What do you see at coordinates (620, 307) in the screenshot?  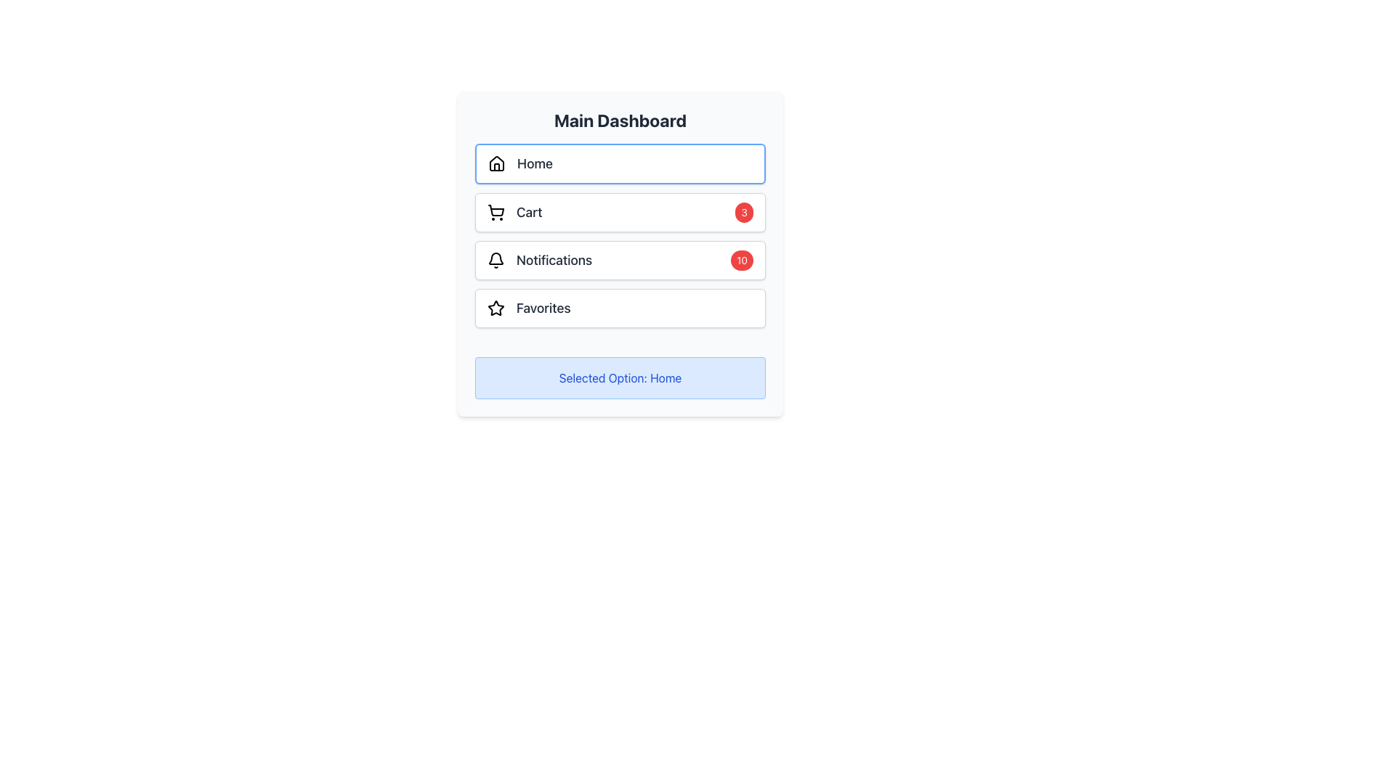 I see `the 'Favorites' button, which is the last option in a vertical list` at bounding box center [620, 307].